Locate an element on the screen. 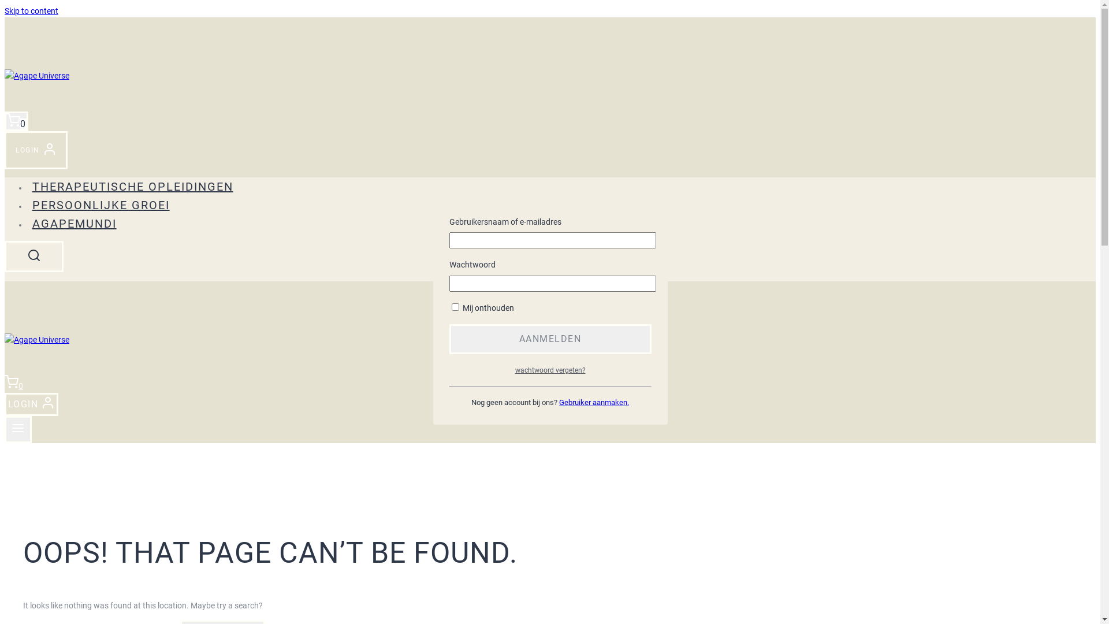 This screenshot has width=1109, height=624. 'LOGIN is located at coordinates (36, 149).